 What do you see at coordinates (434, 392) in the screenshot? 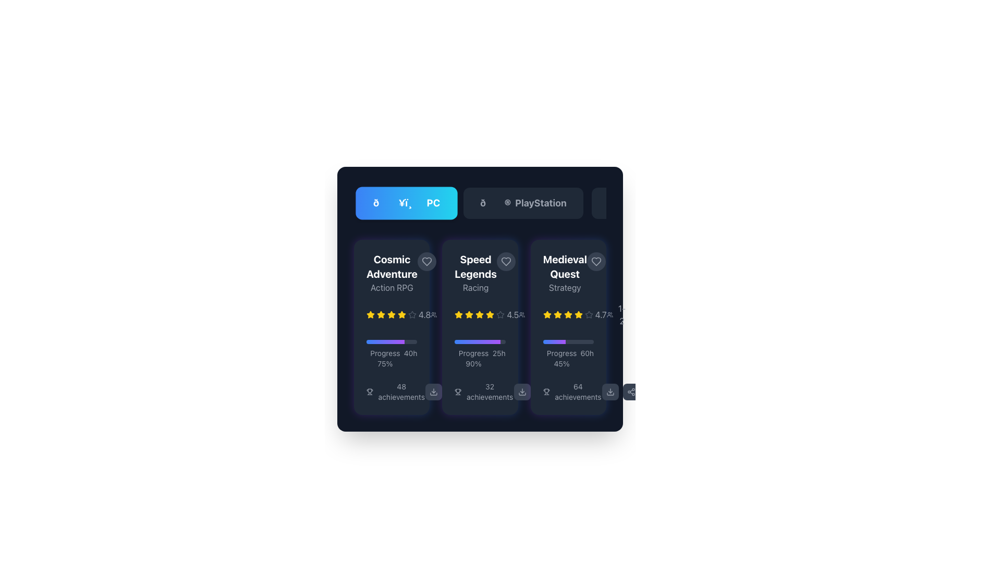
I see `the download icon, which features a downward arrow within a rectangular base, located at the rightmost edge of the interactive button on the second game card` at bounding box center [434, 392].